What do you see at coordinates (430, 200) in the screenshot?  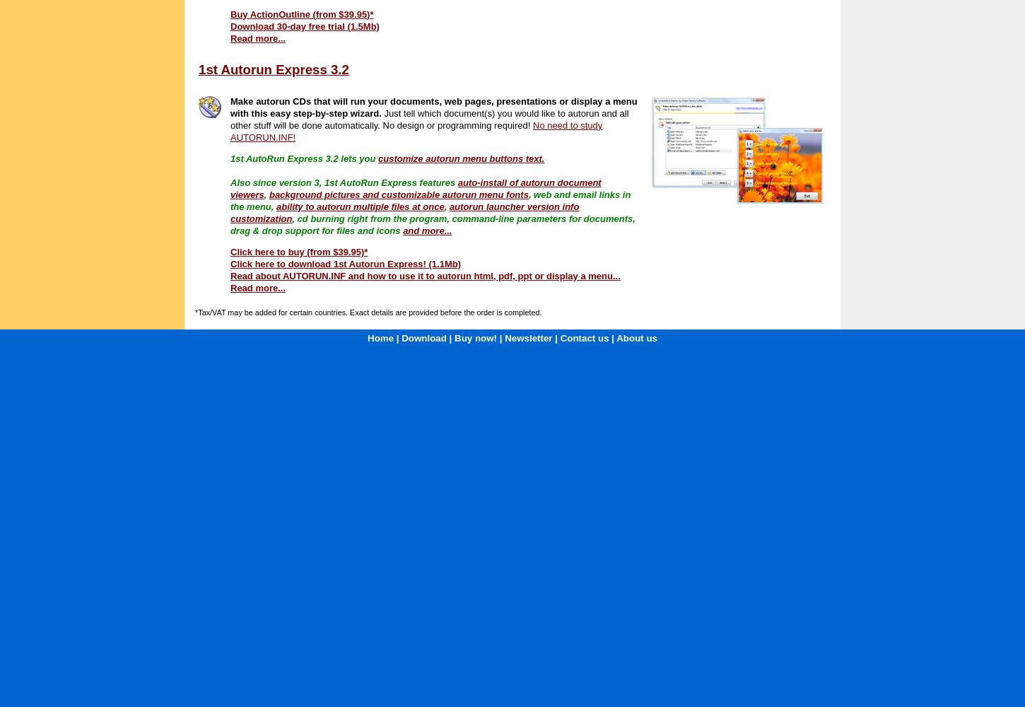 I see `', web and email links in the menu,'` at bounding box center [430, 200].